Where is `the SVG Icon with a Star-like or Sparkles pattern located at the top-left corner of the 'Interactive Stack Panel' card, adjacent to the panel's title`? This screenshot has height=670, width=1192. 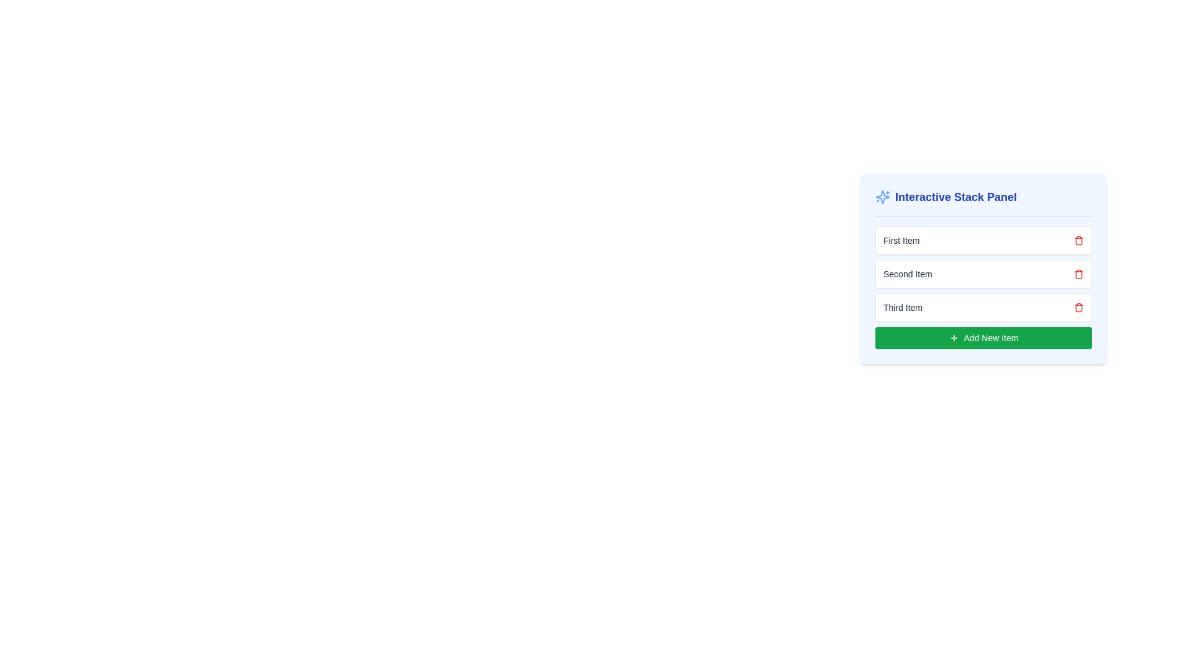 the SVG Icon with a Star-like or Sparkles pattern located at the top-left corner of the 'Interactive Stack Panel' card, adjacent to the panel's title is located at coordinates (882, 196).